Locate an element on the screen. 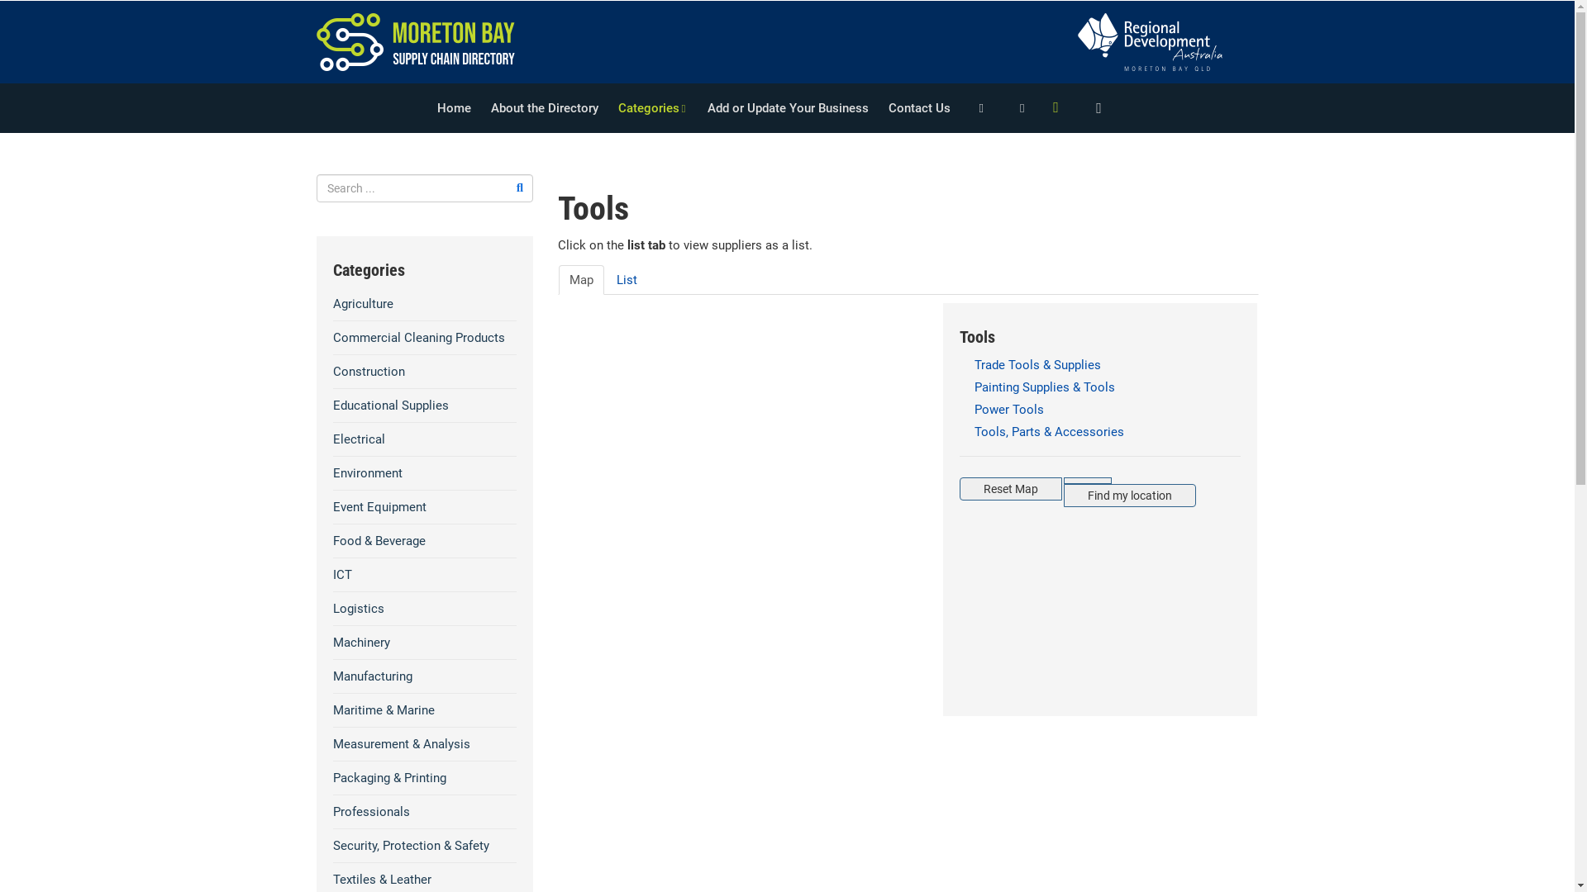 Image resolution: width=1587 pixels, height=892 pixels. 'List' is located at coordinates (626, 279).